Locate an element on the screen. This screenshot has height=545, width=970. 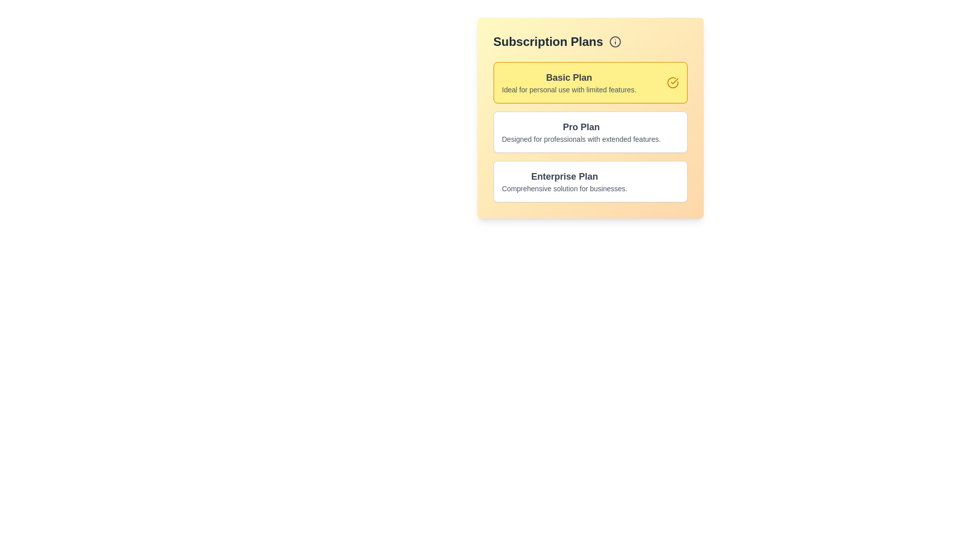
the additional details text for the 'Basic Plan', which is centrally aligned and provides information about its features is located at coordinates (569, 89).